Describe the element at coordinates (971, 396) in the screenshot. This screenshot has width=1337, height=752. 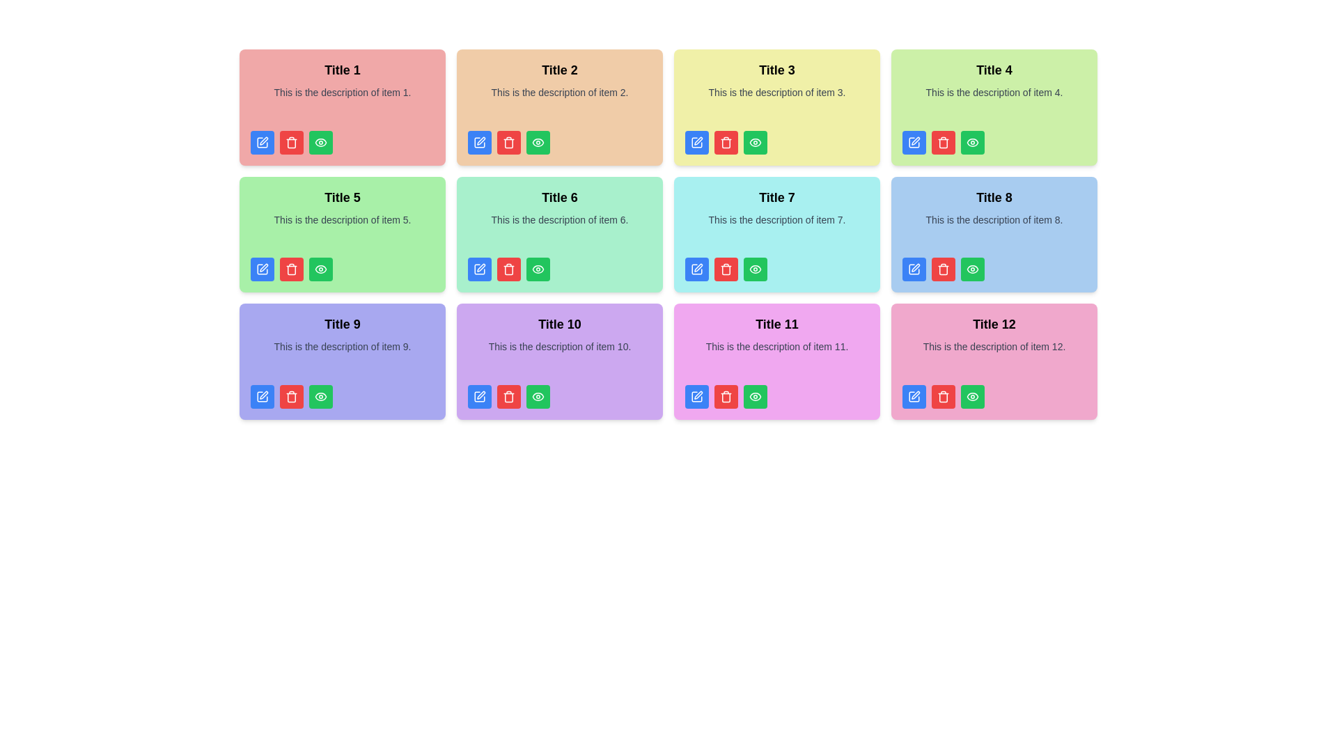
I see `the green eye-shaped icon button located at the bottom right corner of the card titled 'Title 12'` at that location.